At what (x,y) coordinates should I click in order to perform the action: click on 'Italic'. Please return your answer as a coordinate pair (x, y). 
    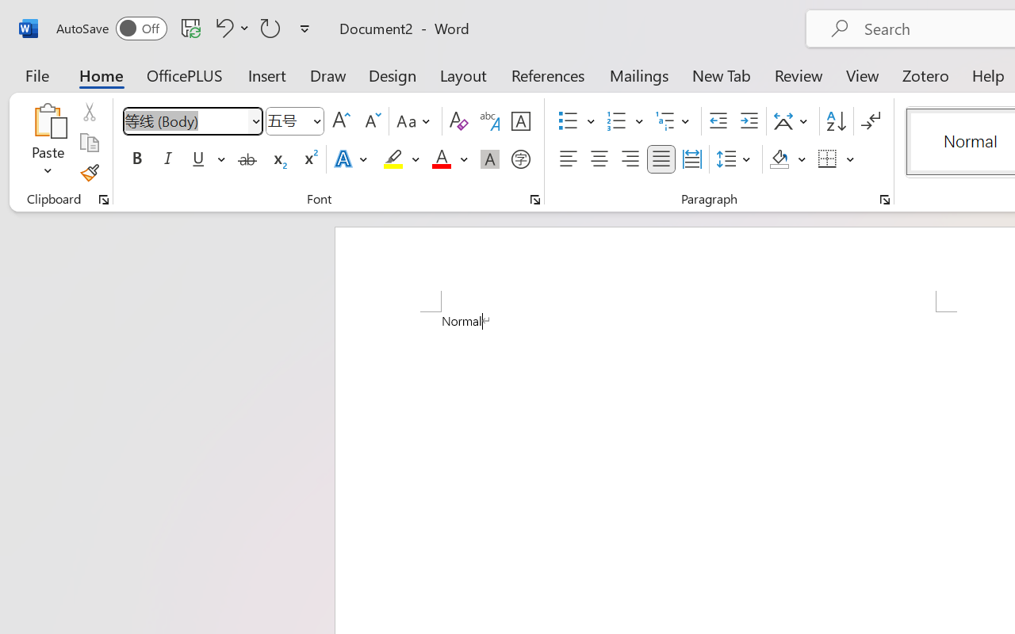
    Looking at the image, I should click on (168, 159).